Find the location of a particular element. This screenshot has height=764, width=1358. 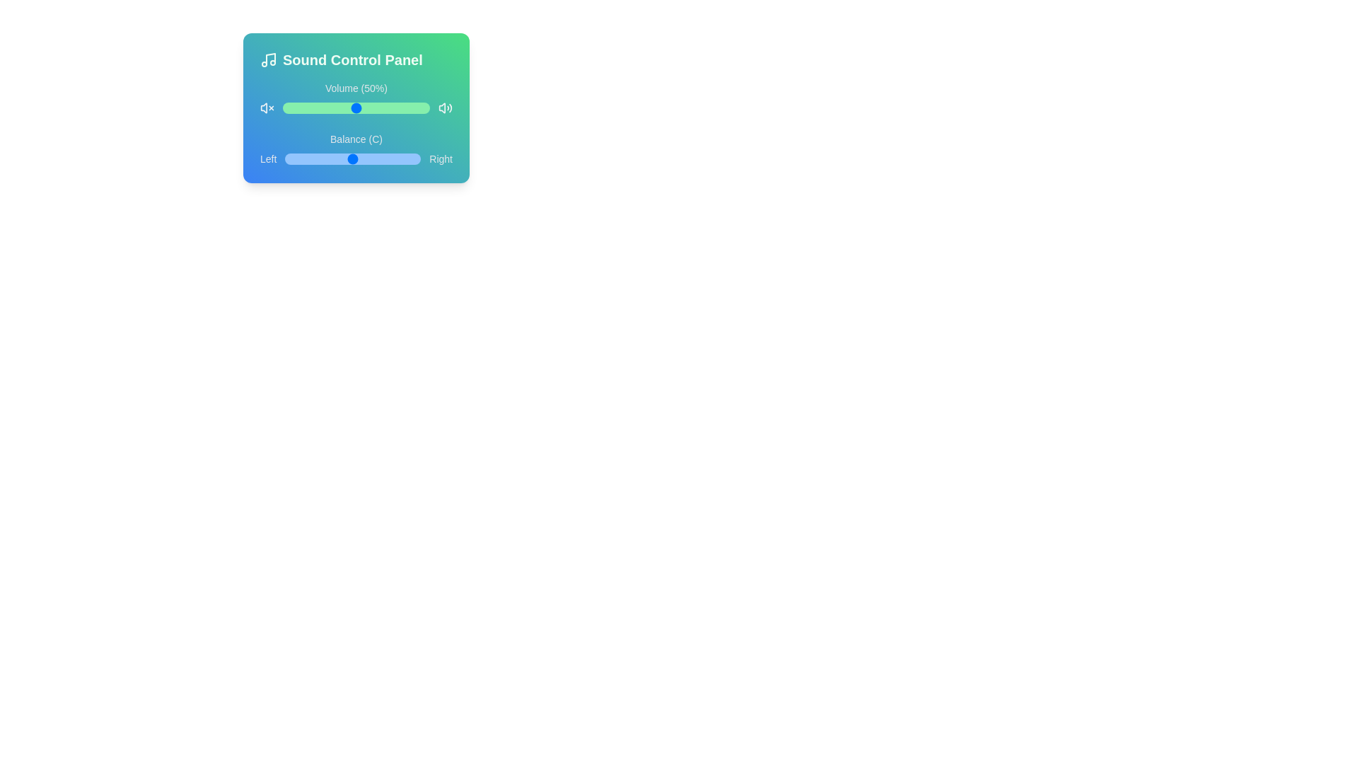

balance is located at coordinates (335, 158).